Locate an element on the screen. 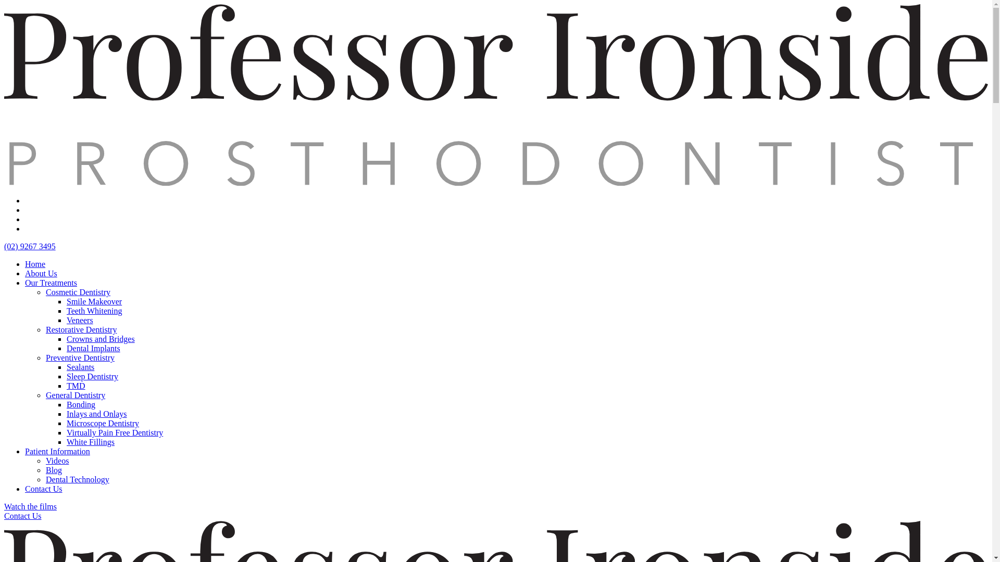  'About Us' is located at coordinates (41, 273).